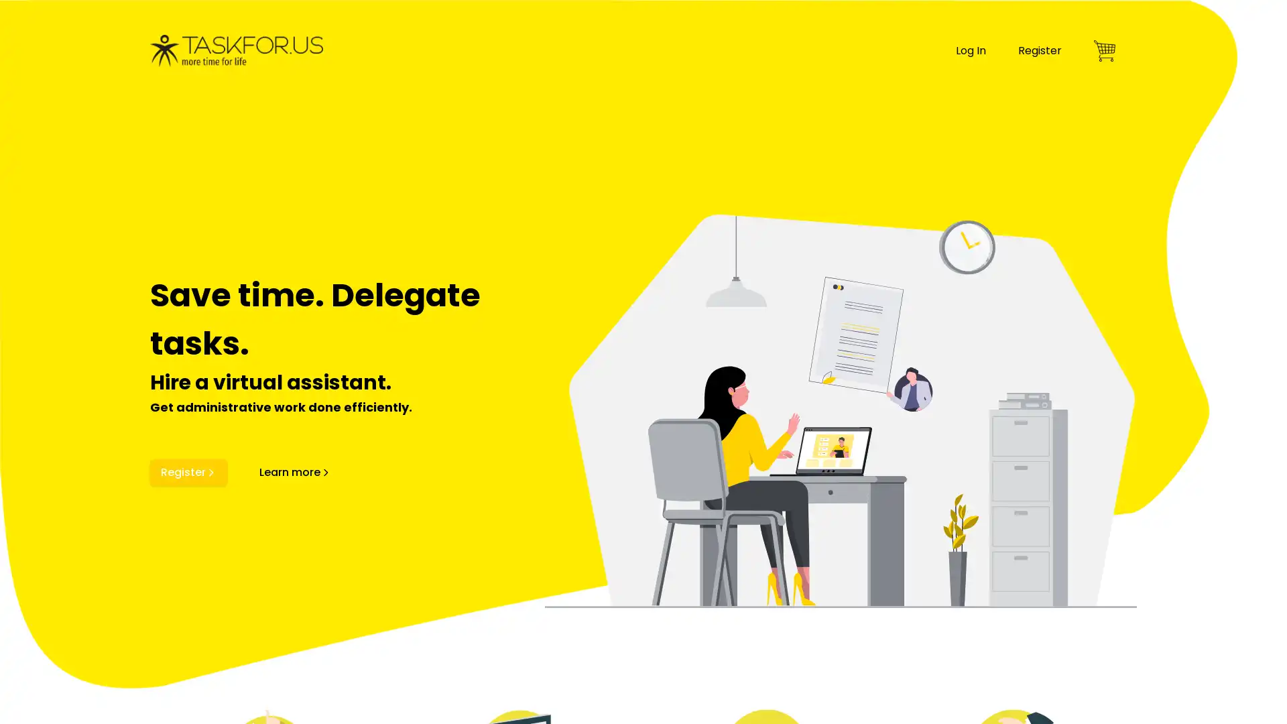  What do you see at coordinates (188, 472) in the screenshot?
I see `Register Arrow` at bounding box center [188, 472].